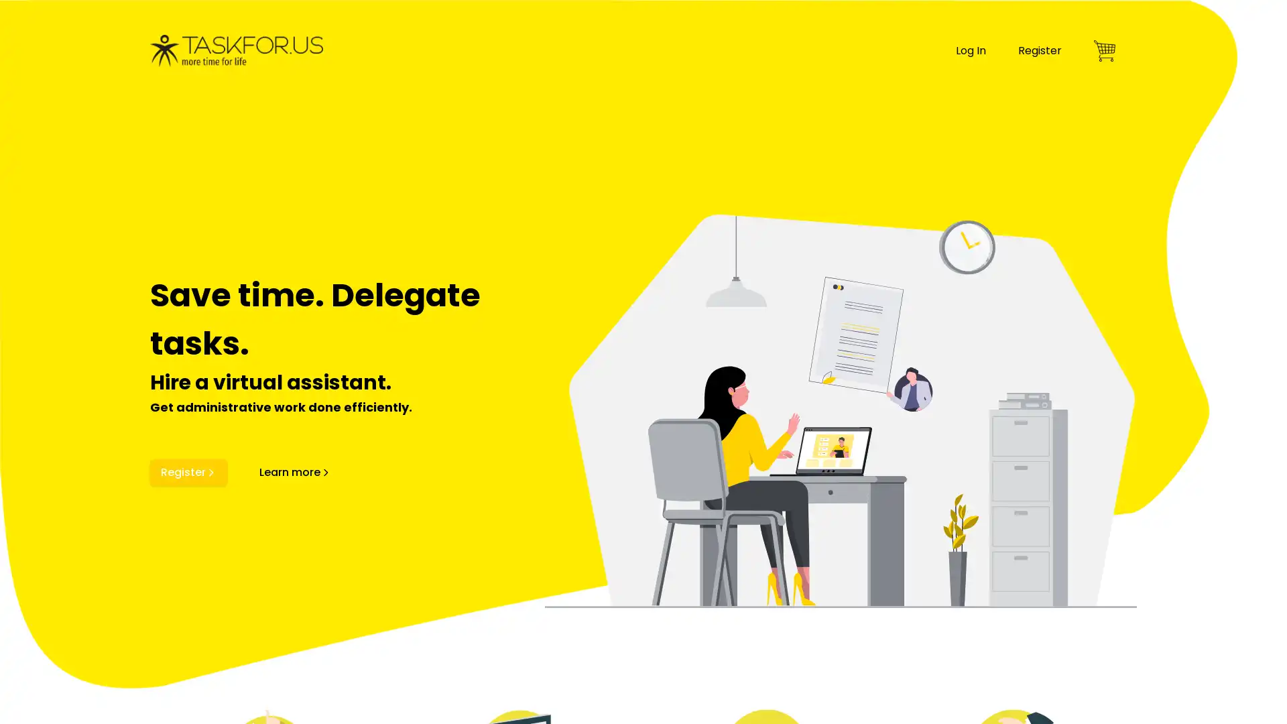  What do you see at coordinates (188, 472) in the screenshot?
I see `Register Arrow` at bounding box center [188, 472].